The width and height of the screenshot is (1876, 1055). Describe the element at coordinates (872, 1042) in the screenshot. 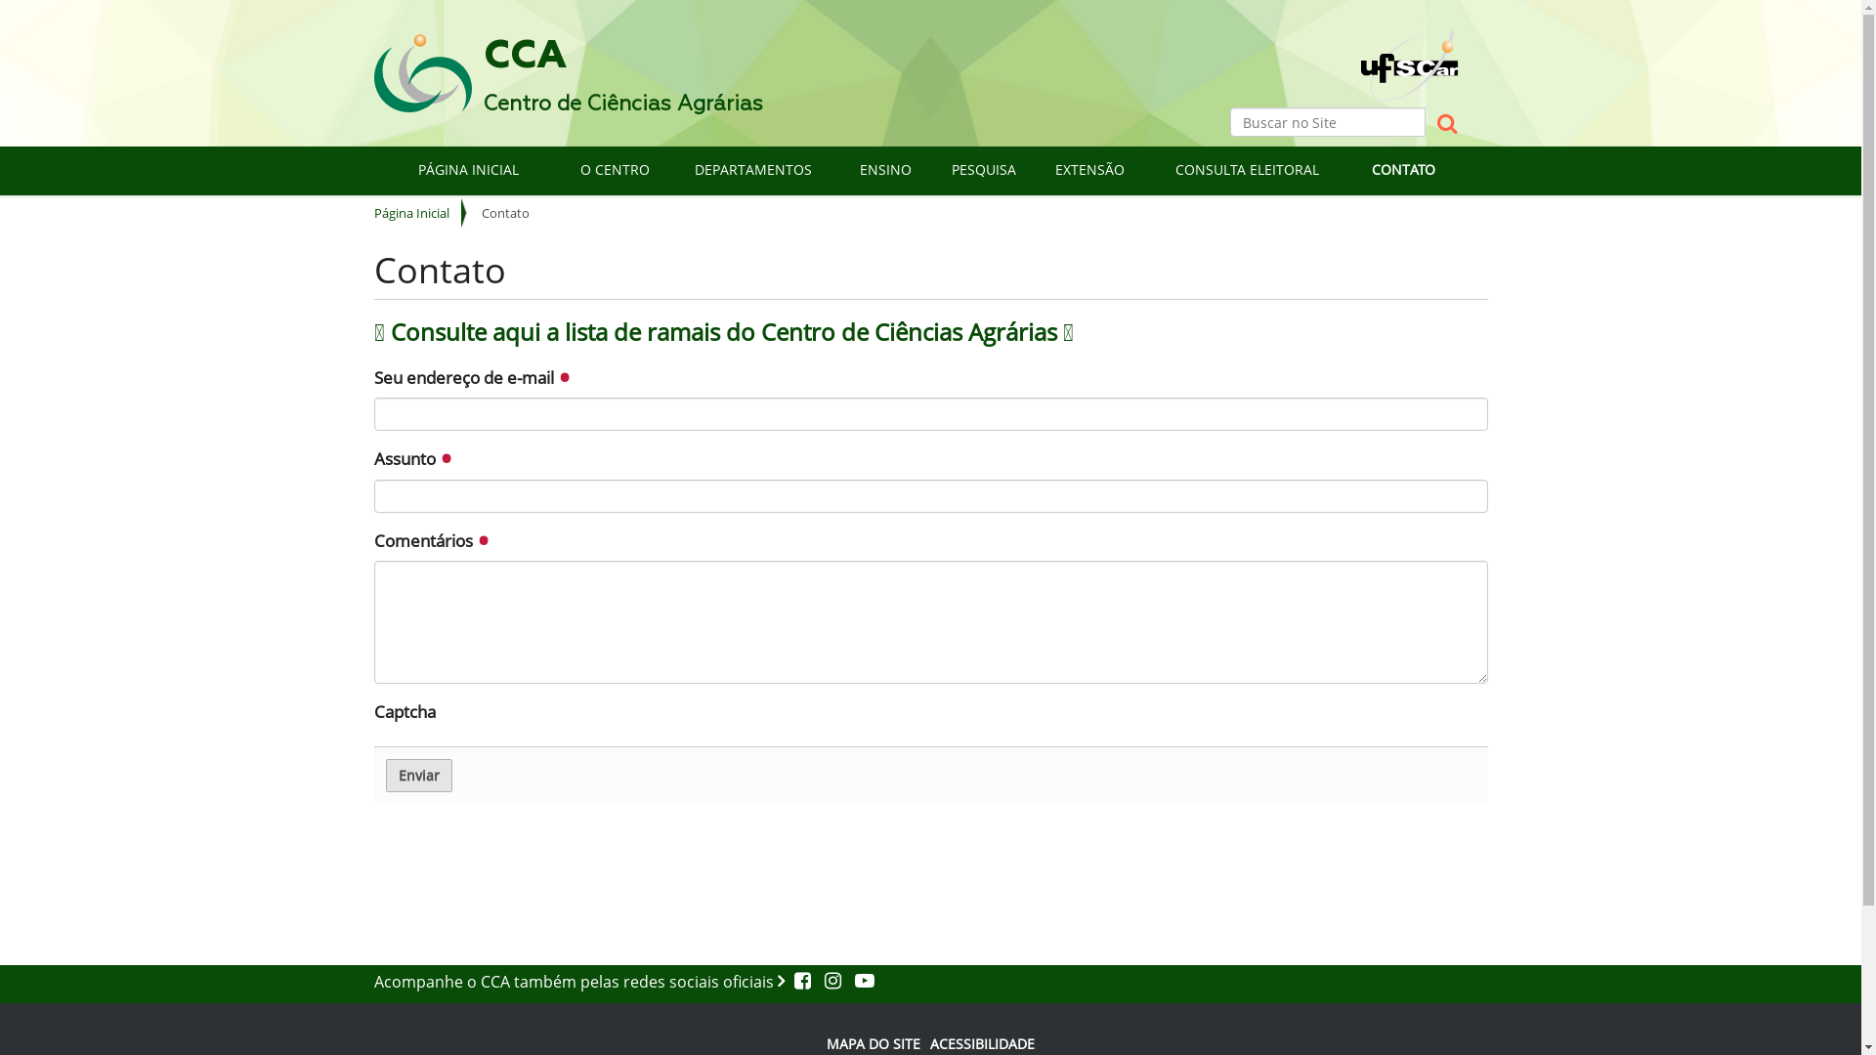

I see `'MAPA DO SITE'` at that location.